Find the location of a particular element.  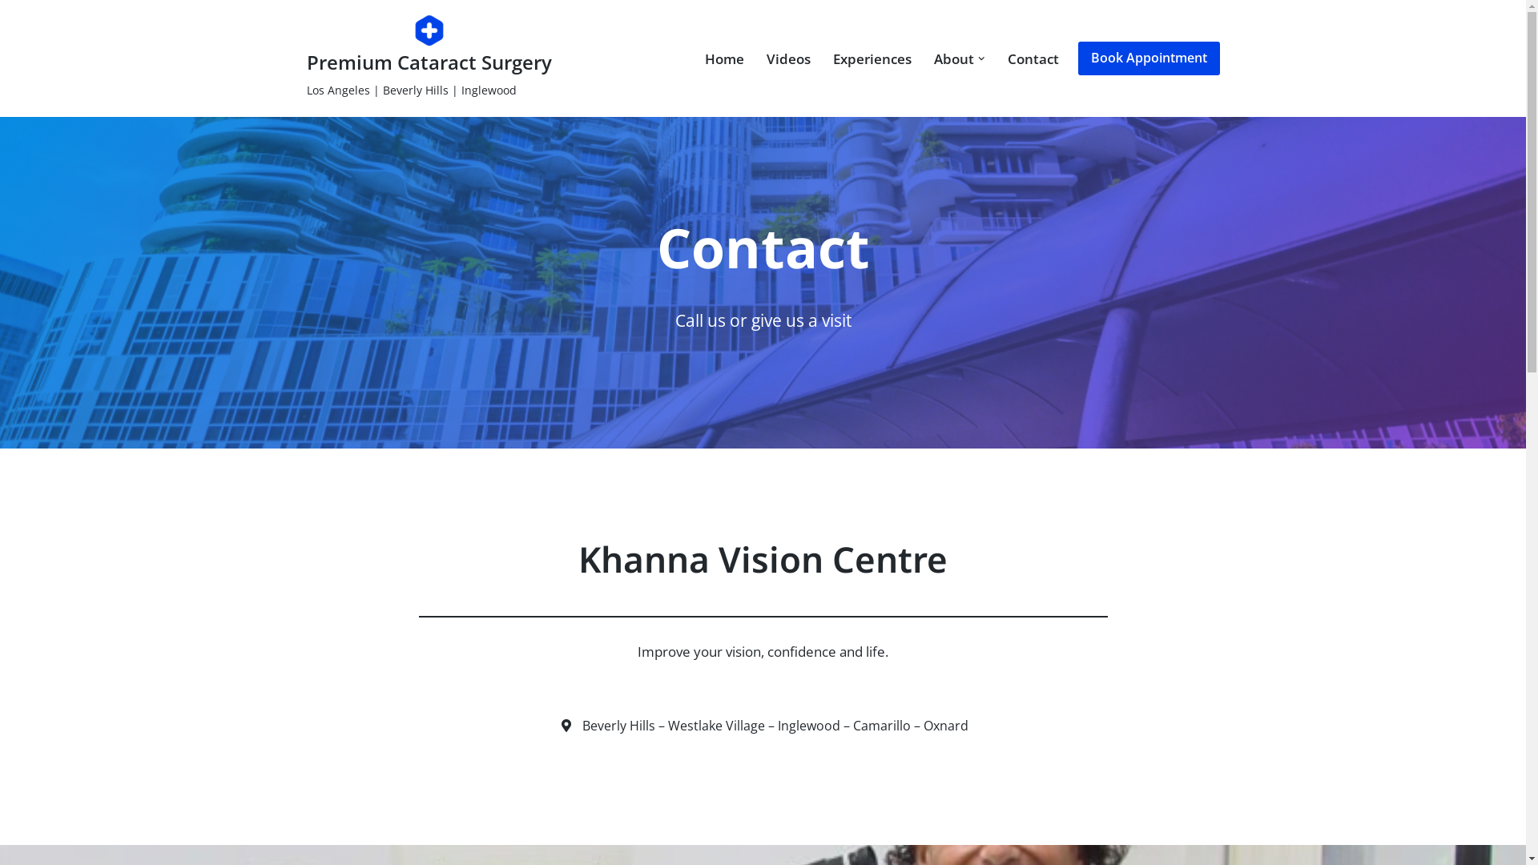

'Experiences' is located at coordinates (872, 58).